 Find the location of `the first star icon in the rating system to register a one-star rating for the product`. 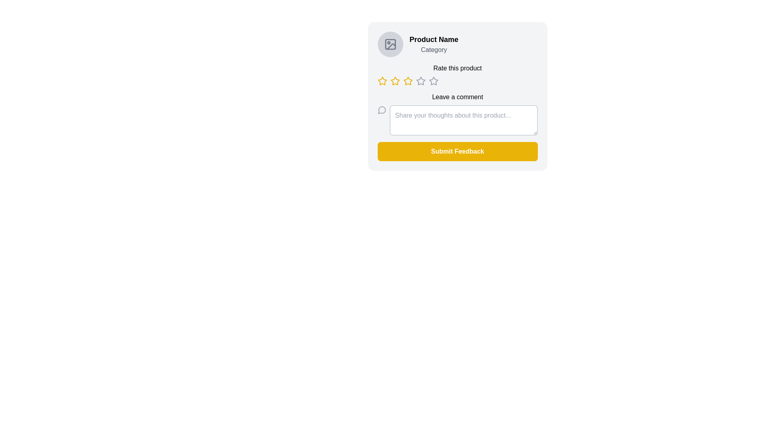

the first star icon in the rating system to register a one-star rating for the product is located at coordinates (382, 81).